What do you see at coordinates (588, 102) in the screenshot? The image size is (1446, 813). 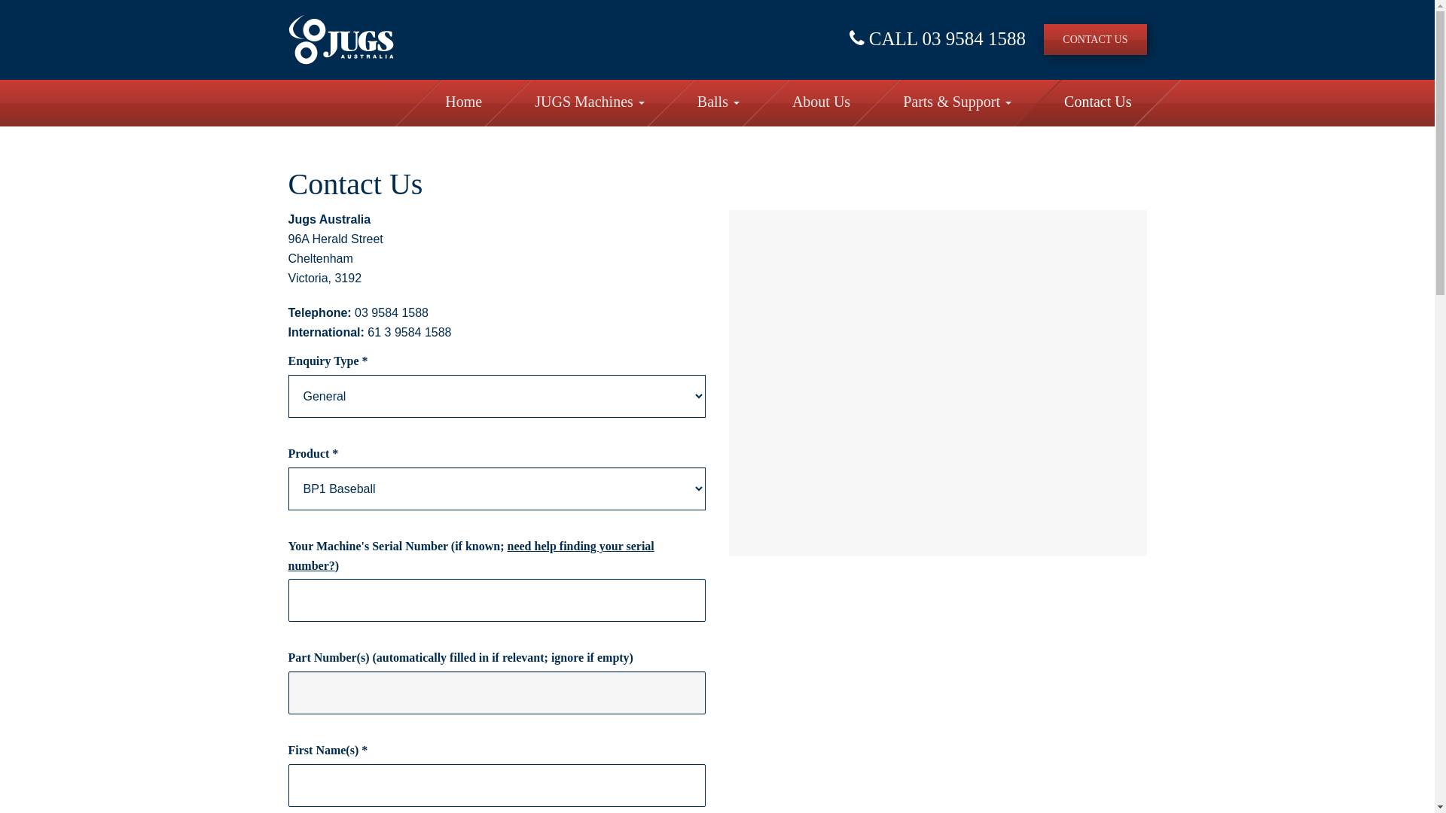 I see `'JUGS Machines'` at bounding box center [588, 102].